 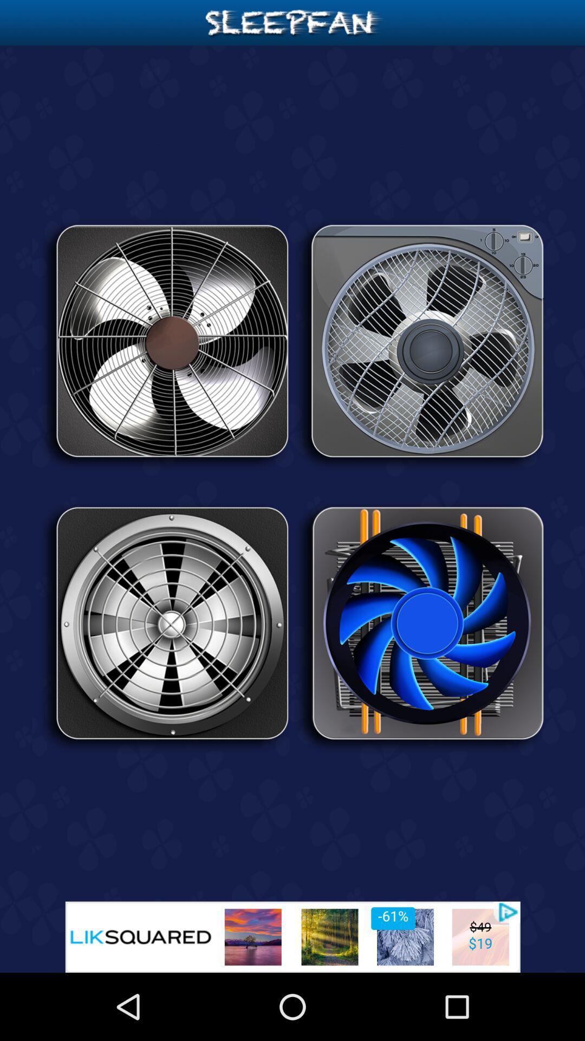 What do you see at coordinates (292, 936) in the screenshot?
I see `advertisement space` at bounding box center [292, 936].